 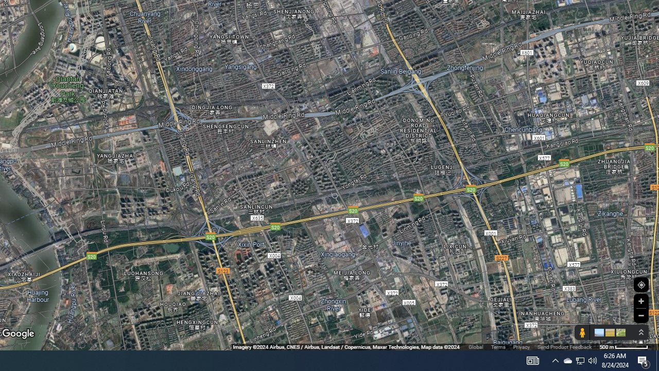 I want to click on 'Send Product Feedback', so click(x=564, y=347).